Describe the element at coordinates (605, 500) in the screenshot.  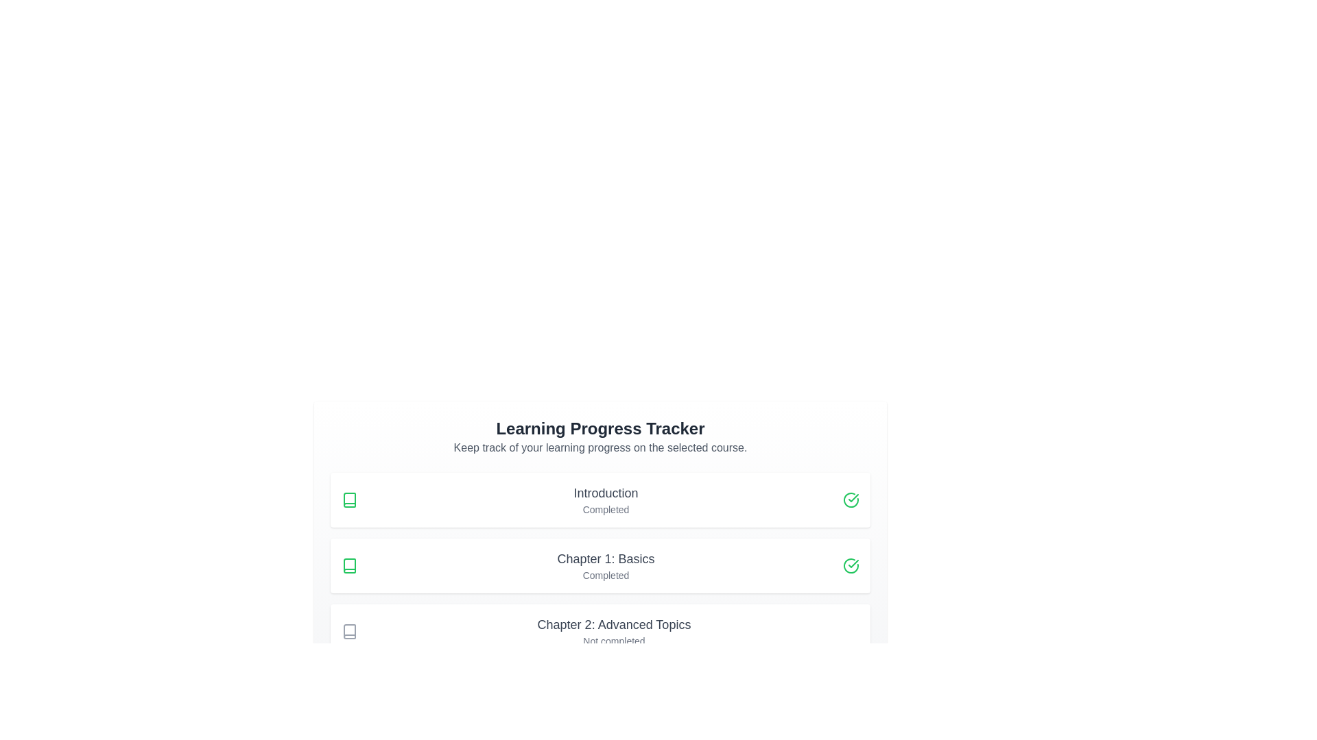
I see `the text block that displays 'Introduction' in bold and 'Completed' in smaller font, positioned centrally in the viewport between a green square icon and a green checkmark icon` at that location.